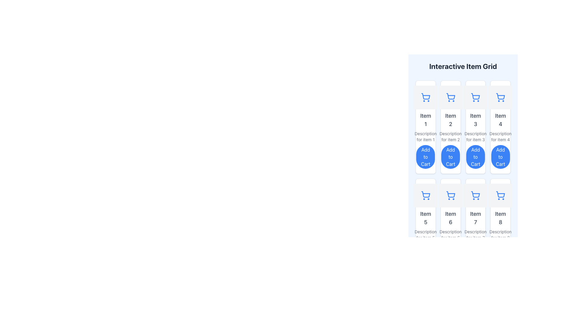  I want to click on the decorative graphic element representing cart-related actions, located in the section for 'Item 7', centered above the item title and description, so click(475, 196).